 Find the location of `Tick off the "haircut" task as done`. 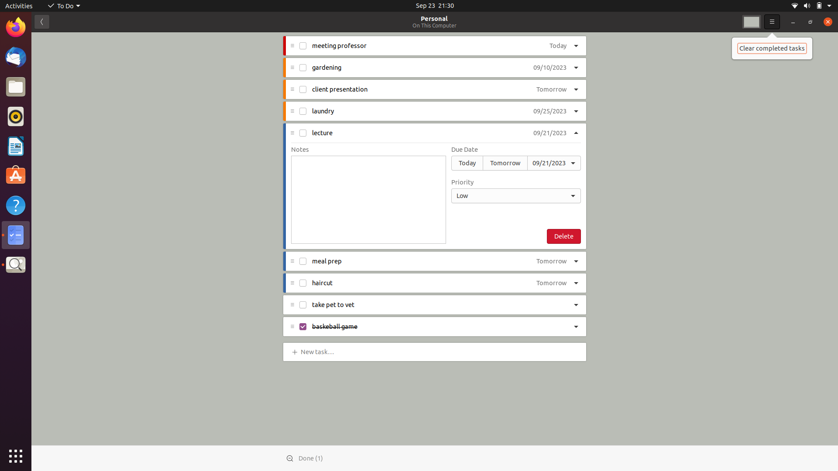

Tick off the "haircut" task as done is located at coordinates (302, 283).